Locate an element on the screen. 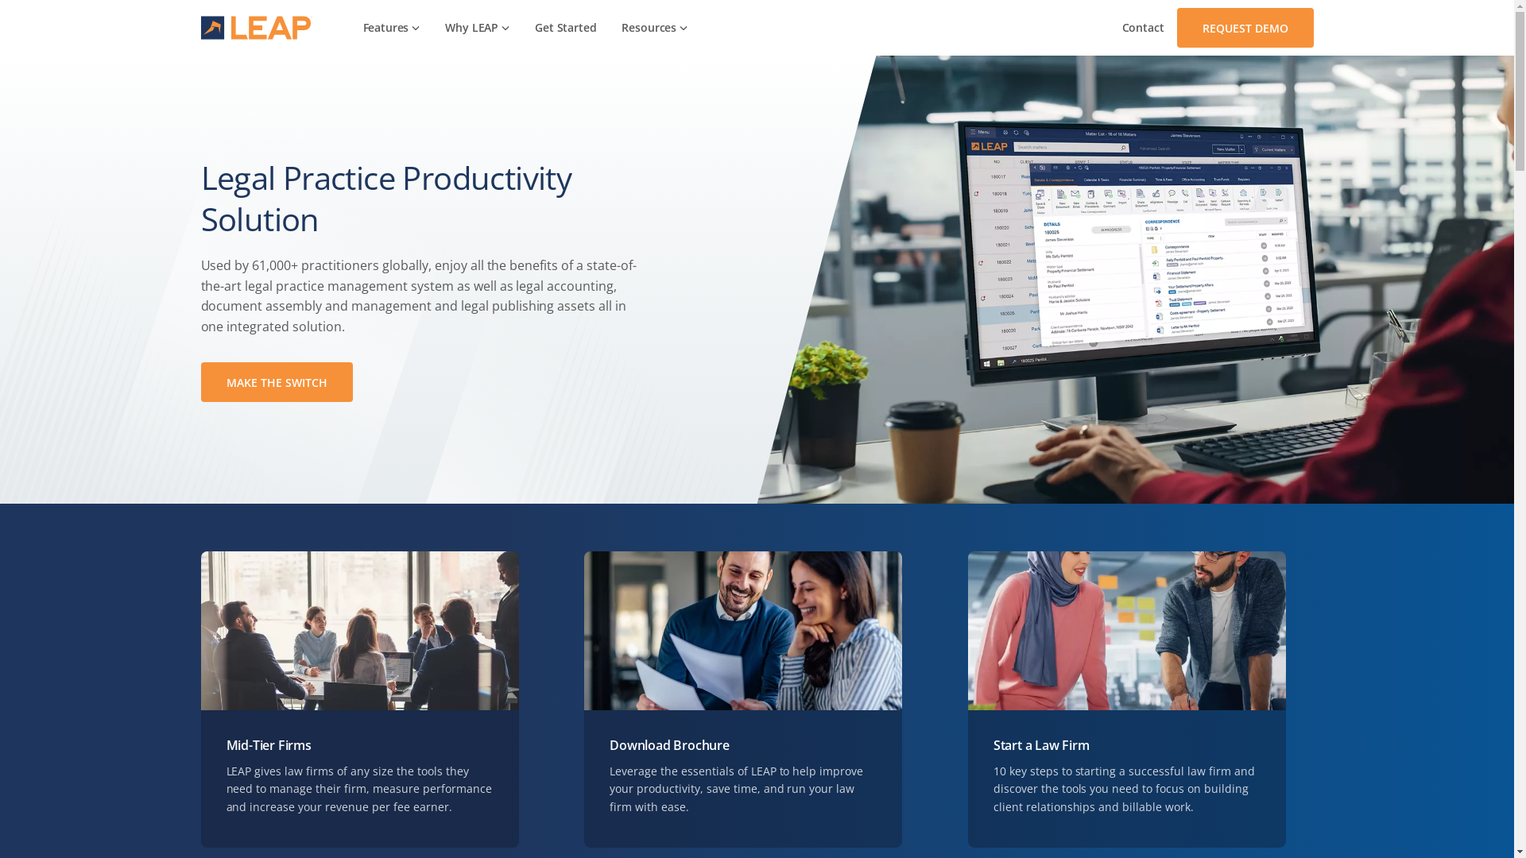  'Contact' is located at coordinates (1142, 27).